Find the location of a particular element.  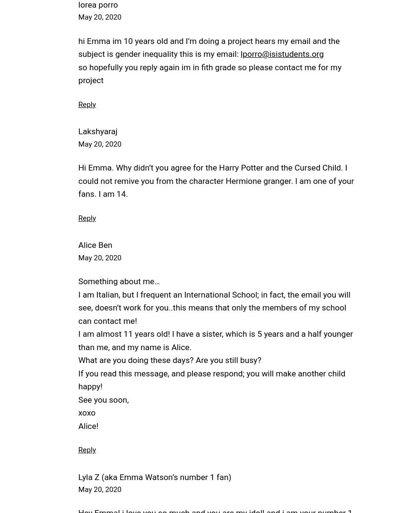

'I am almost 11 years old! I have a sister, which is 5 years and a half younger than me, and my name is Alice.' is located at coordinates (215, 340).